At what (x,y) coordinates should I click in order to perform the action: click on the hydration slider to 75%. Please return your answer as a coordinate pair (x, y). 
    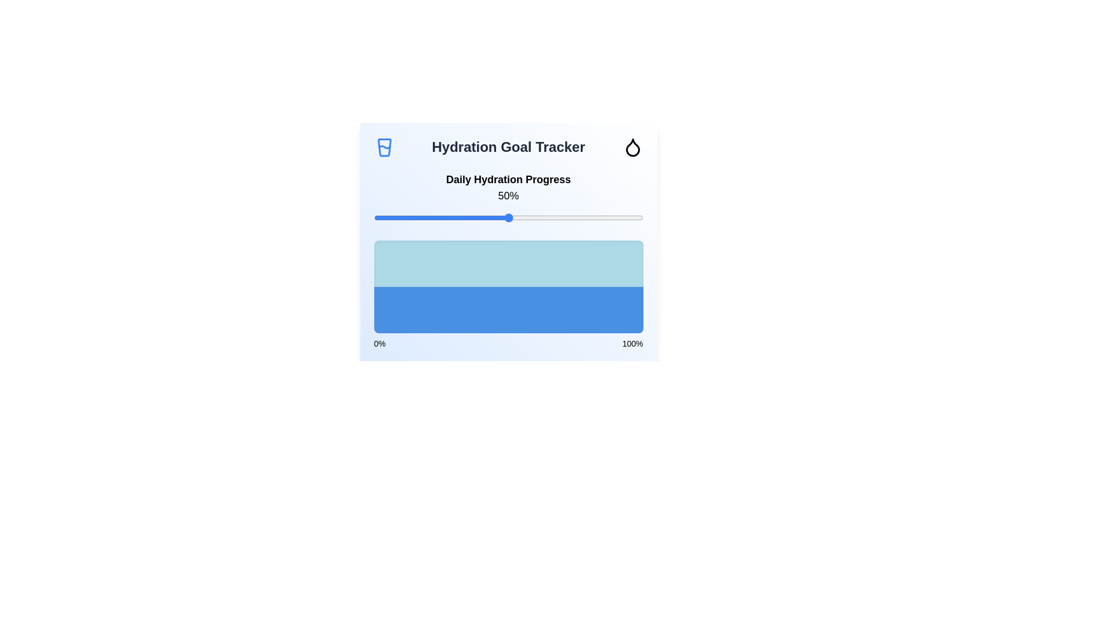
    Looking at the image, I should click on (576, 217).